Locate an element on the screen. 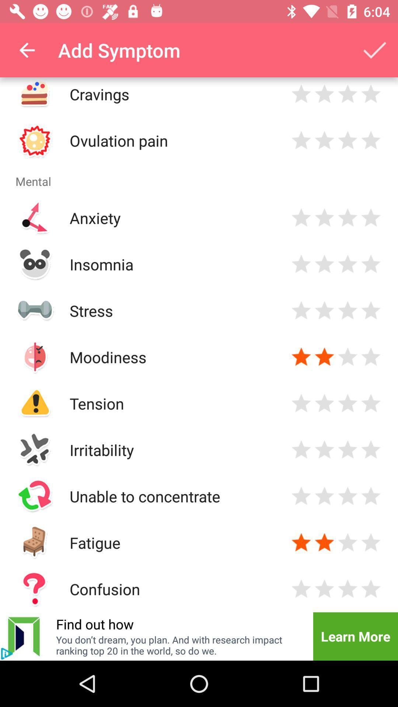 The image size is (398, 707). 3 points is located at coordinates (348, 449).